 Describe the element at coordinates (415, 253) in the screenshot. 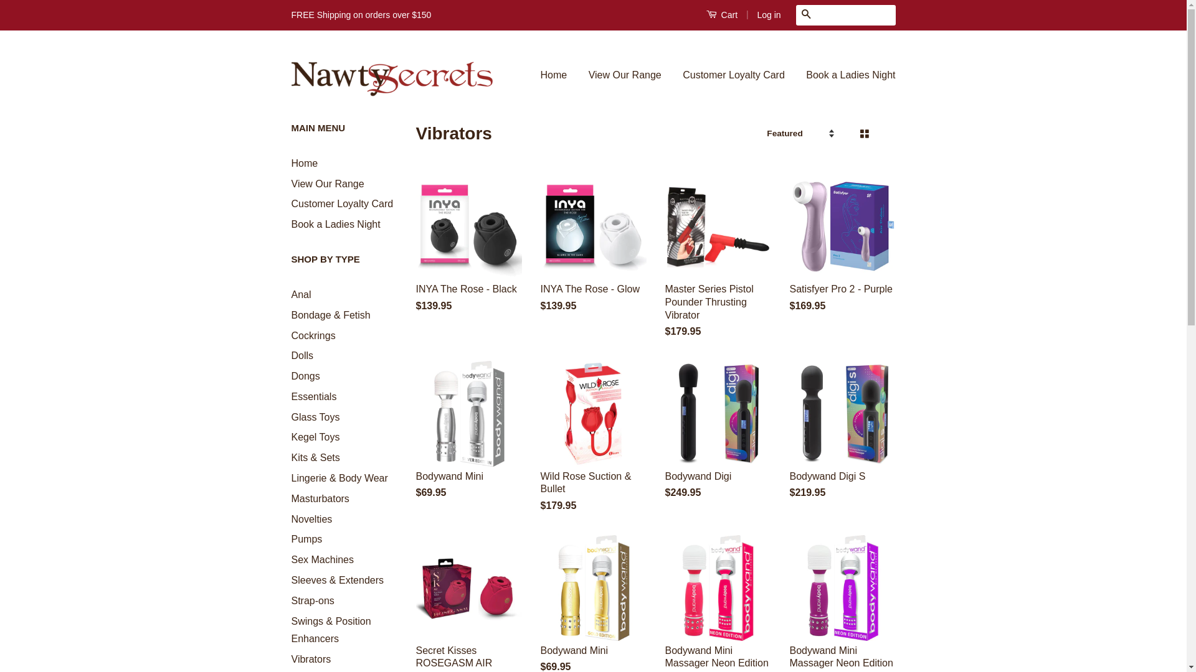

I see `'INYA The Rose - Black` at that location.